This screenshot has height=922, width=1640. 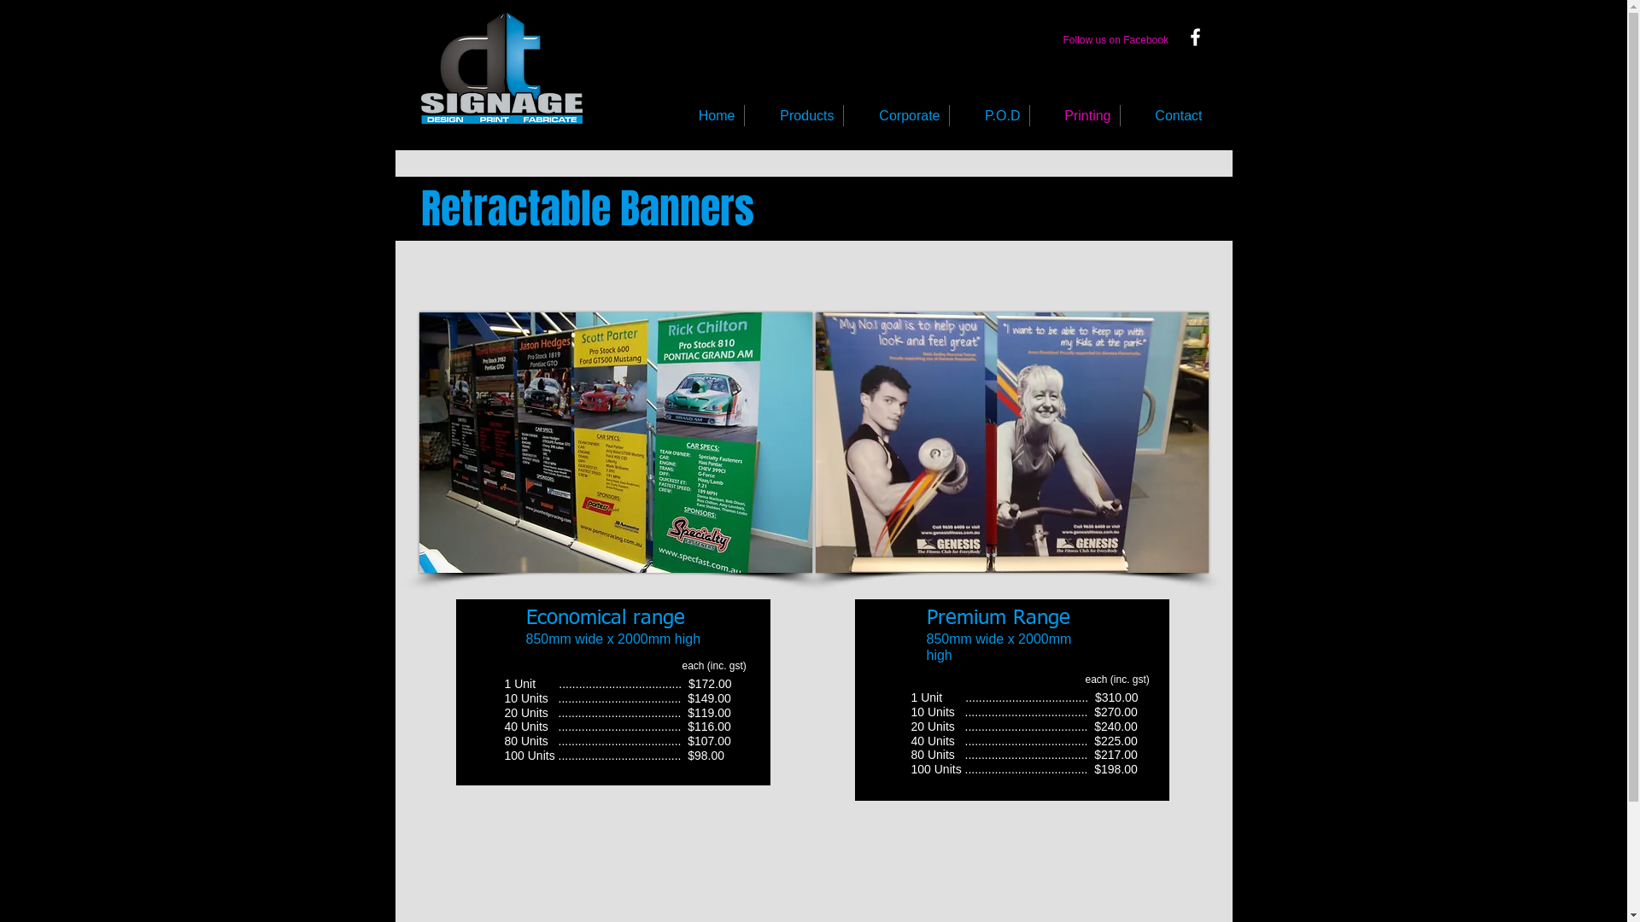 I want to click on 'Contact', so click(x=1120, y=115).